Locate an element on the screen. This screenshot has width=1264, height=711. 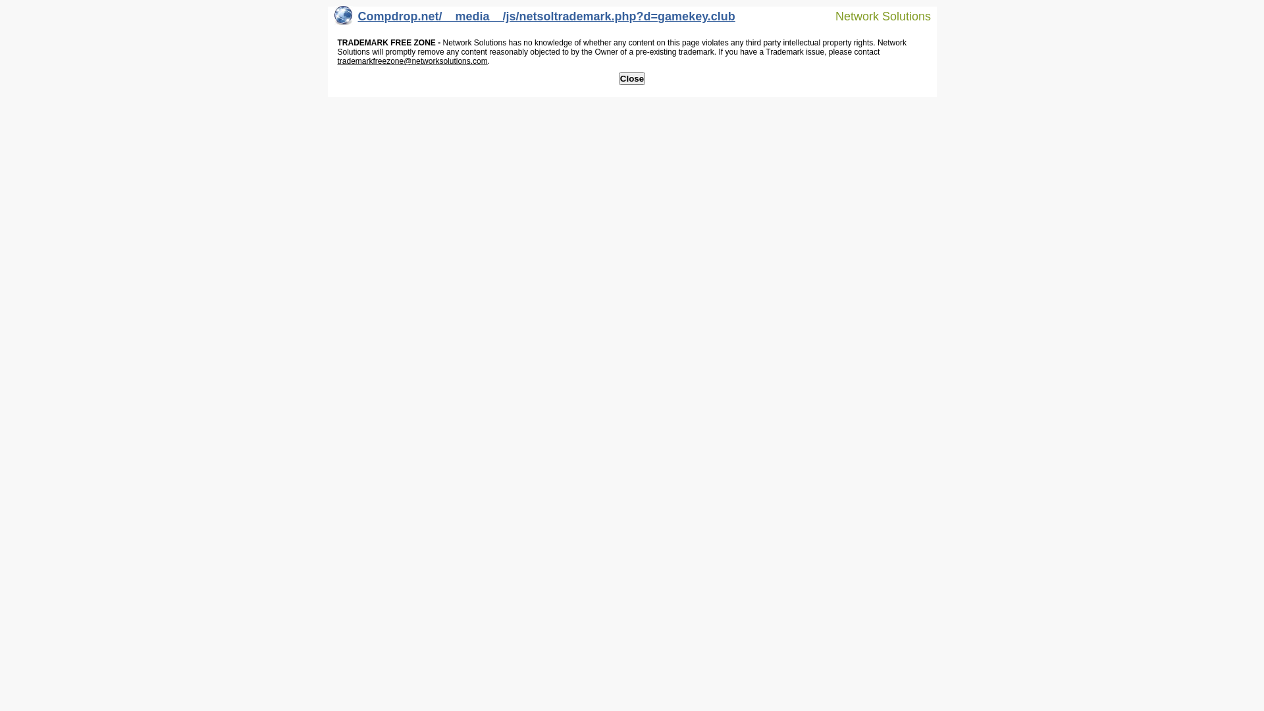
'trademarkfreezone@networksolutions.com' is located at coordinates (411, 61).